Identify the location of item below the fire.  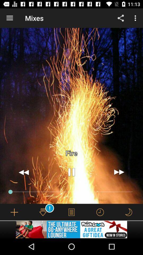
(119, 172).